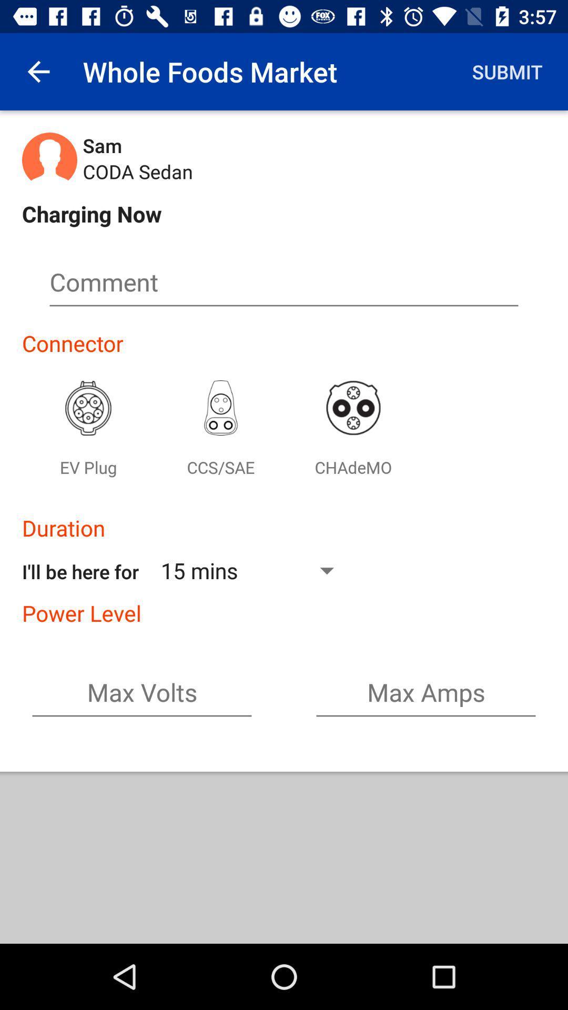  I want to click on comment box, so click(284, 286).